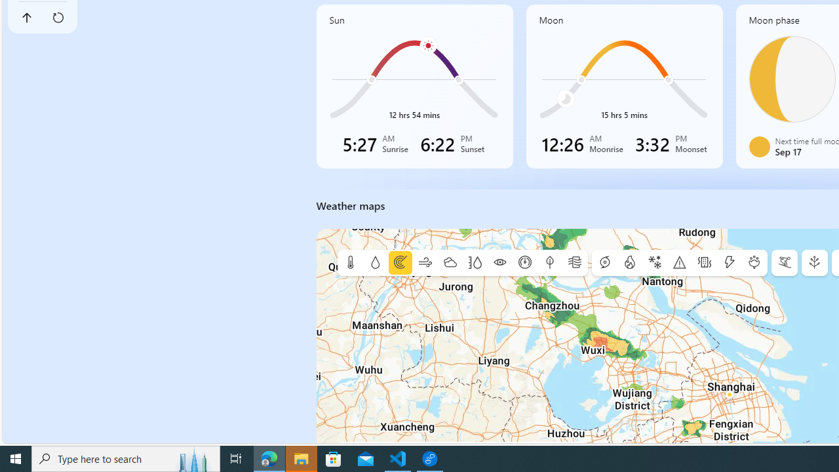 The width and height of the screenshot is (839, 472). I want to click on 'Winter weather', so click(655, 263).